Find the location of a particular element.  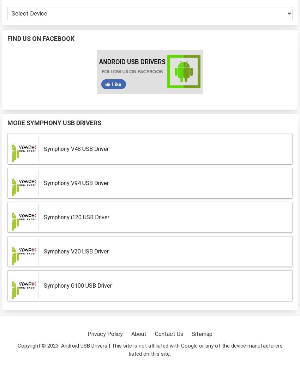

'| This site is not affiliated with Google or any of the device manufacturers listed on this site.' is located at coordinates (107, 350).